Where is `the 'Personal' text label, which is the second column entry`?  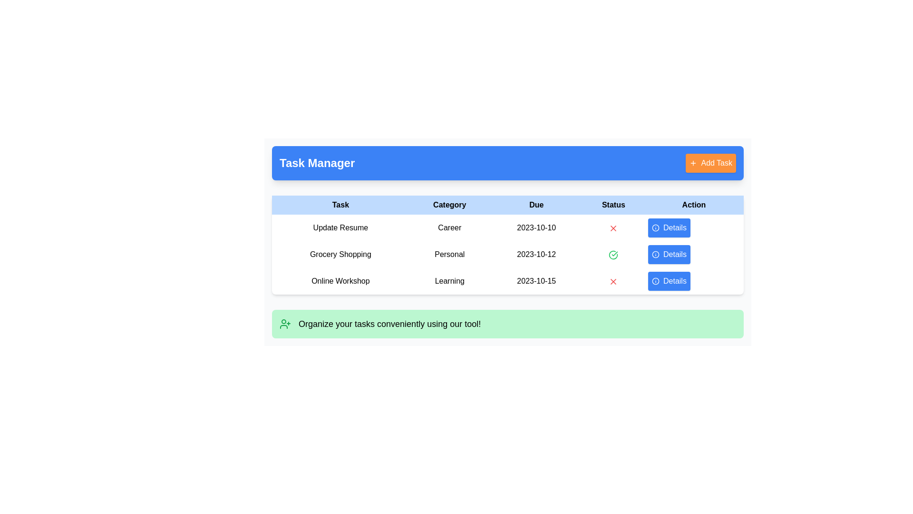 the 'Personal' text label, which is the second column entry is located at coordinates (449, 254).